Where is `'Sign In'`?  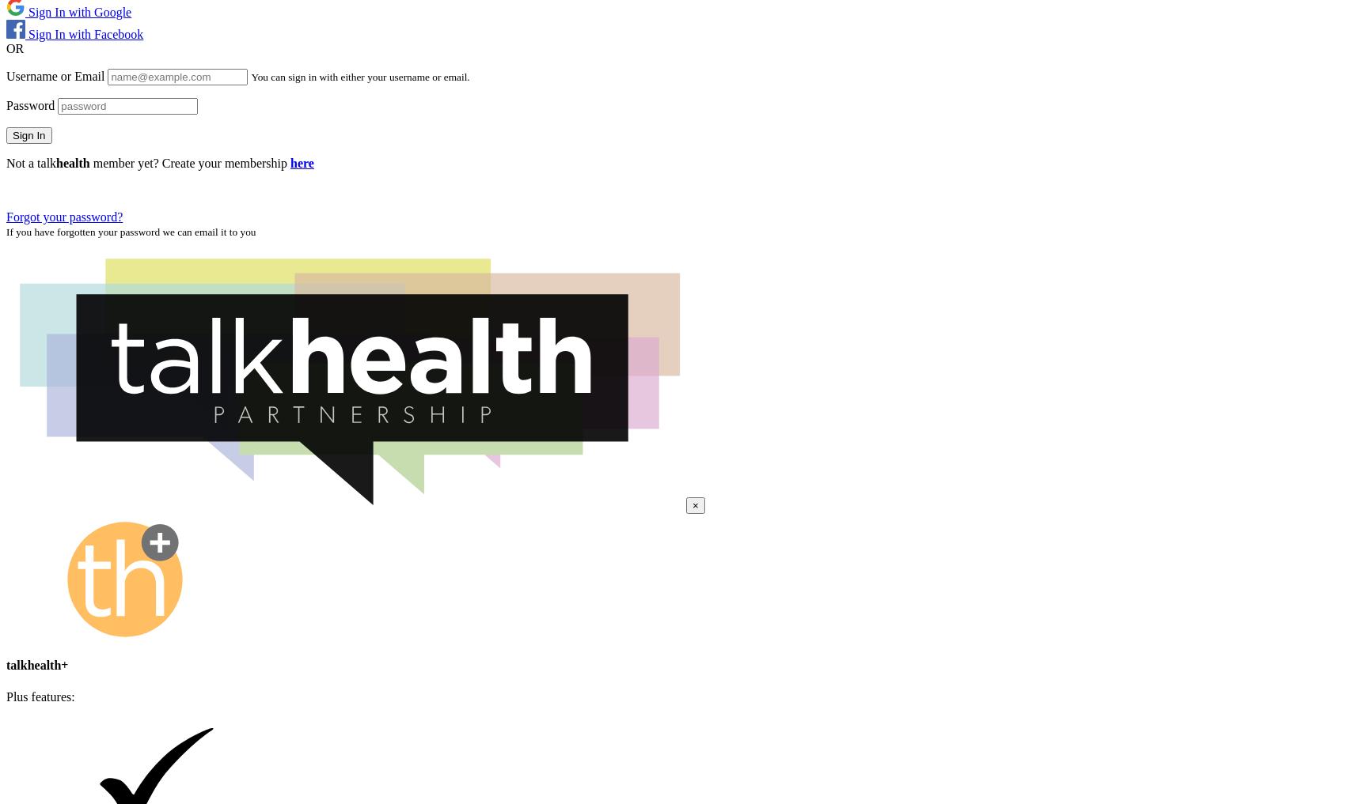 'Sign In' is located at coordinates (28, 134).